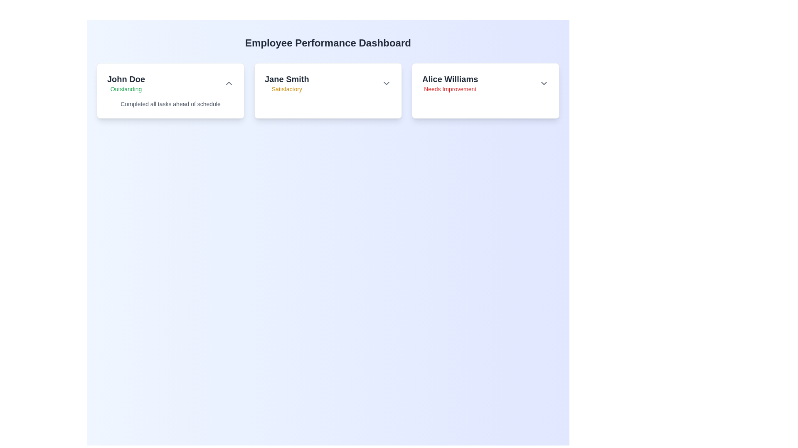  I want to click on the composite text display element for employee 'Jane Smith', which includes a bold heading and a subtitle indicating the status 'Satisfactory', so click(287, 83).